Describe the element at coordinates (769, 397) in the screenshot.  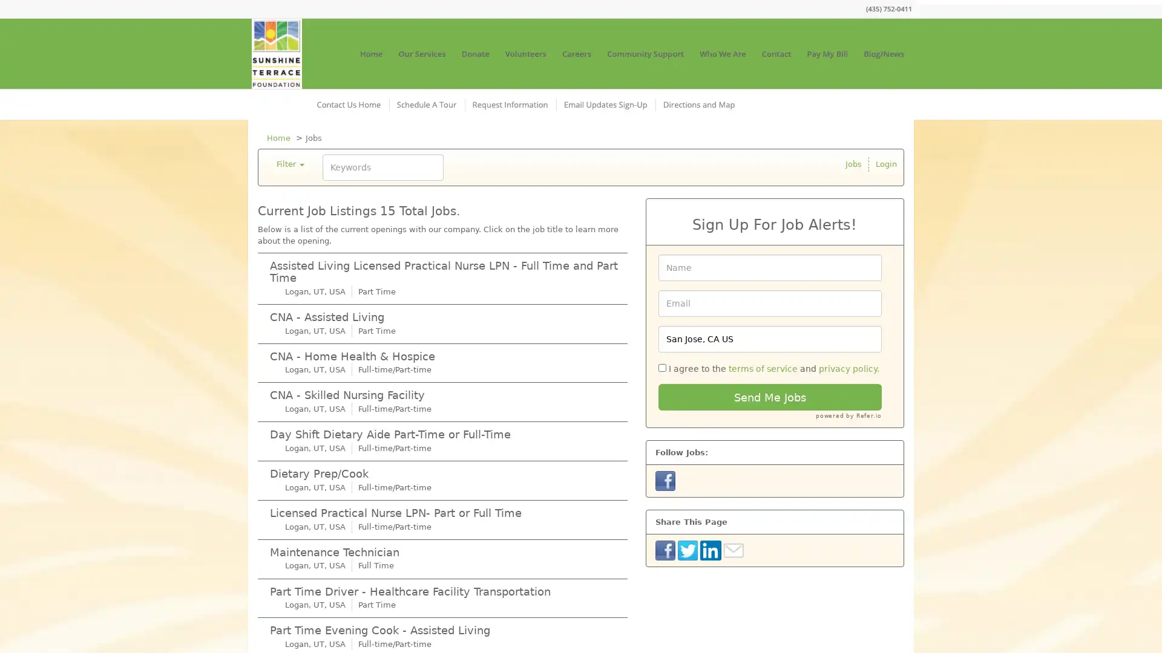
I see `Send Me Jobs` at that location.